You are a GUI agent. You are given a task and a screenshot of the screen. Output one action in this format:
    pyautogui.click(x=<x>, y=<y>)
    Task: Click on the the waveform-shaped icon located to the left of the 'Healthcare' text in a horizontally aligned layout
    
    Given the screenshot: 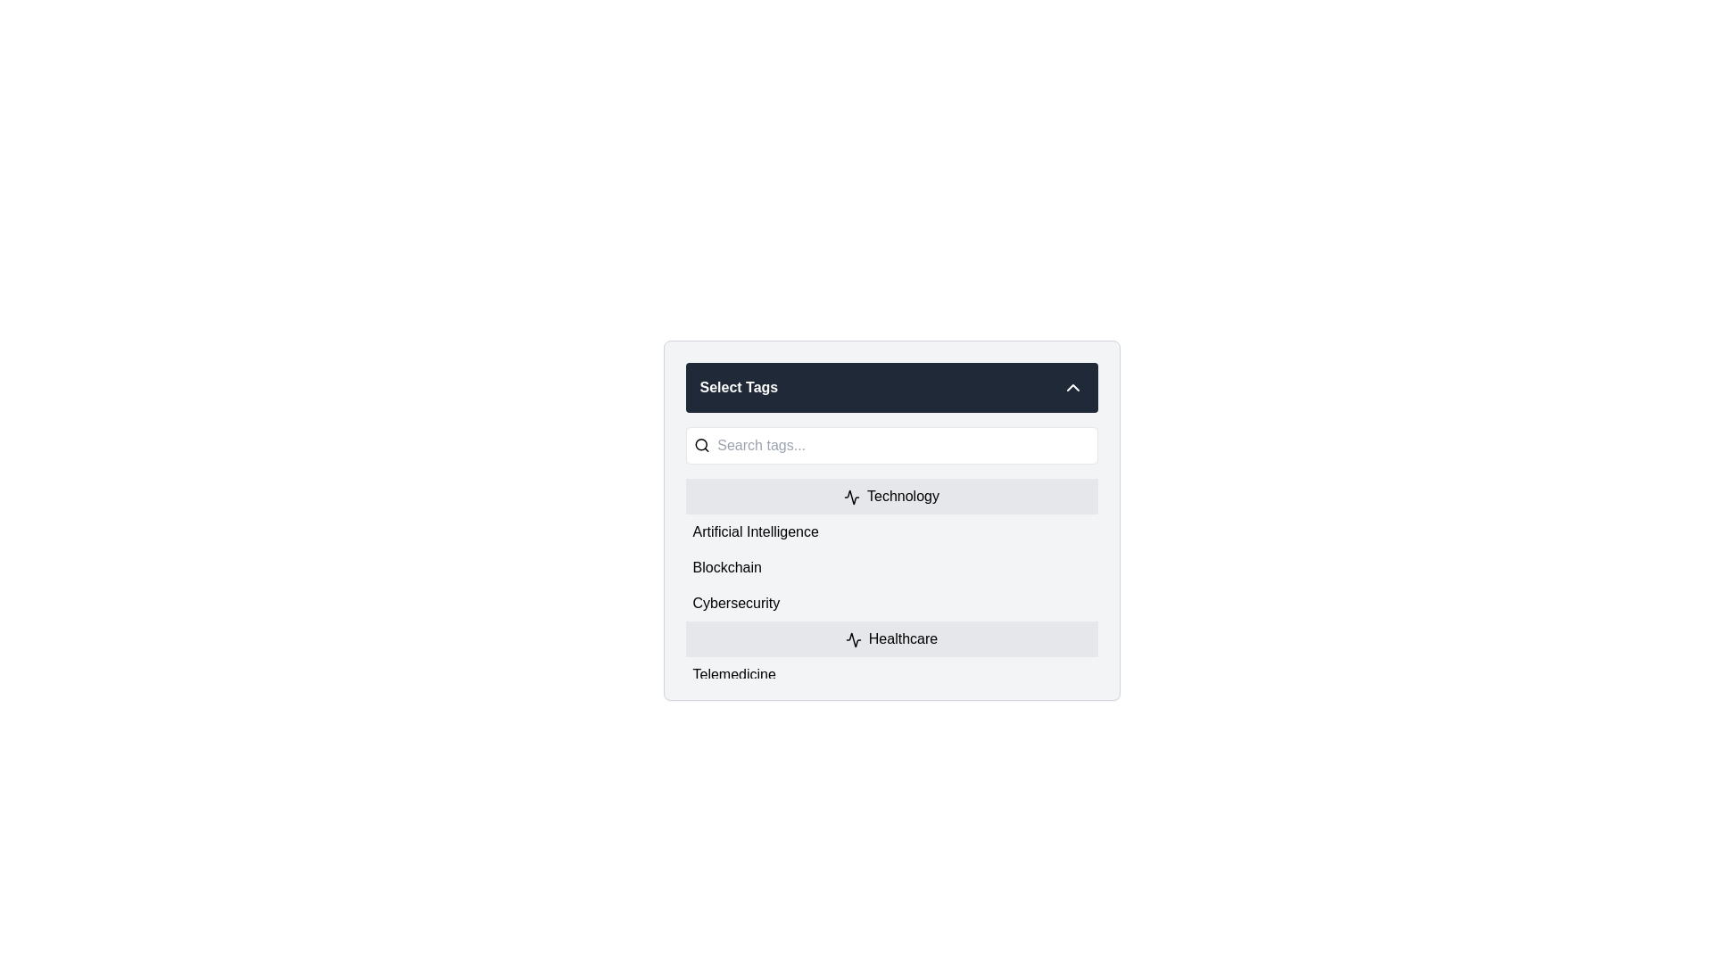 What is the action you would take?
    pyautogui.click(x=852, y=638)
    